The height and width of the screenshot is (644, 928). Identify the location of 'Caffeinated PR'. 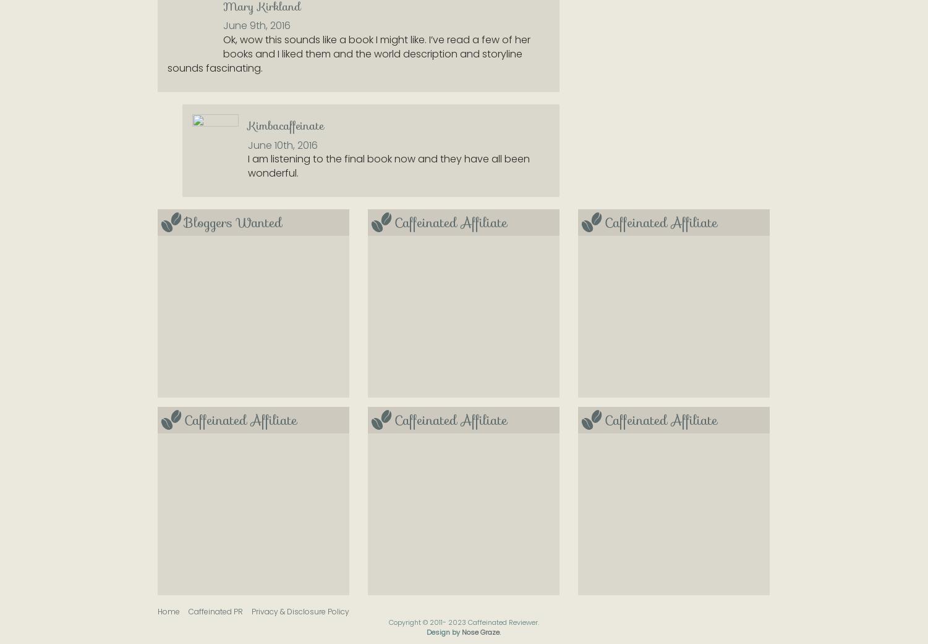
(189, 611).